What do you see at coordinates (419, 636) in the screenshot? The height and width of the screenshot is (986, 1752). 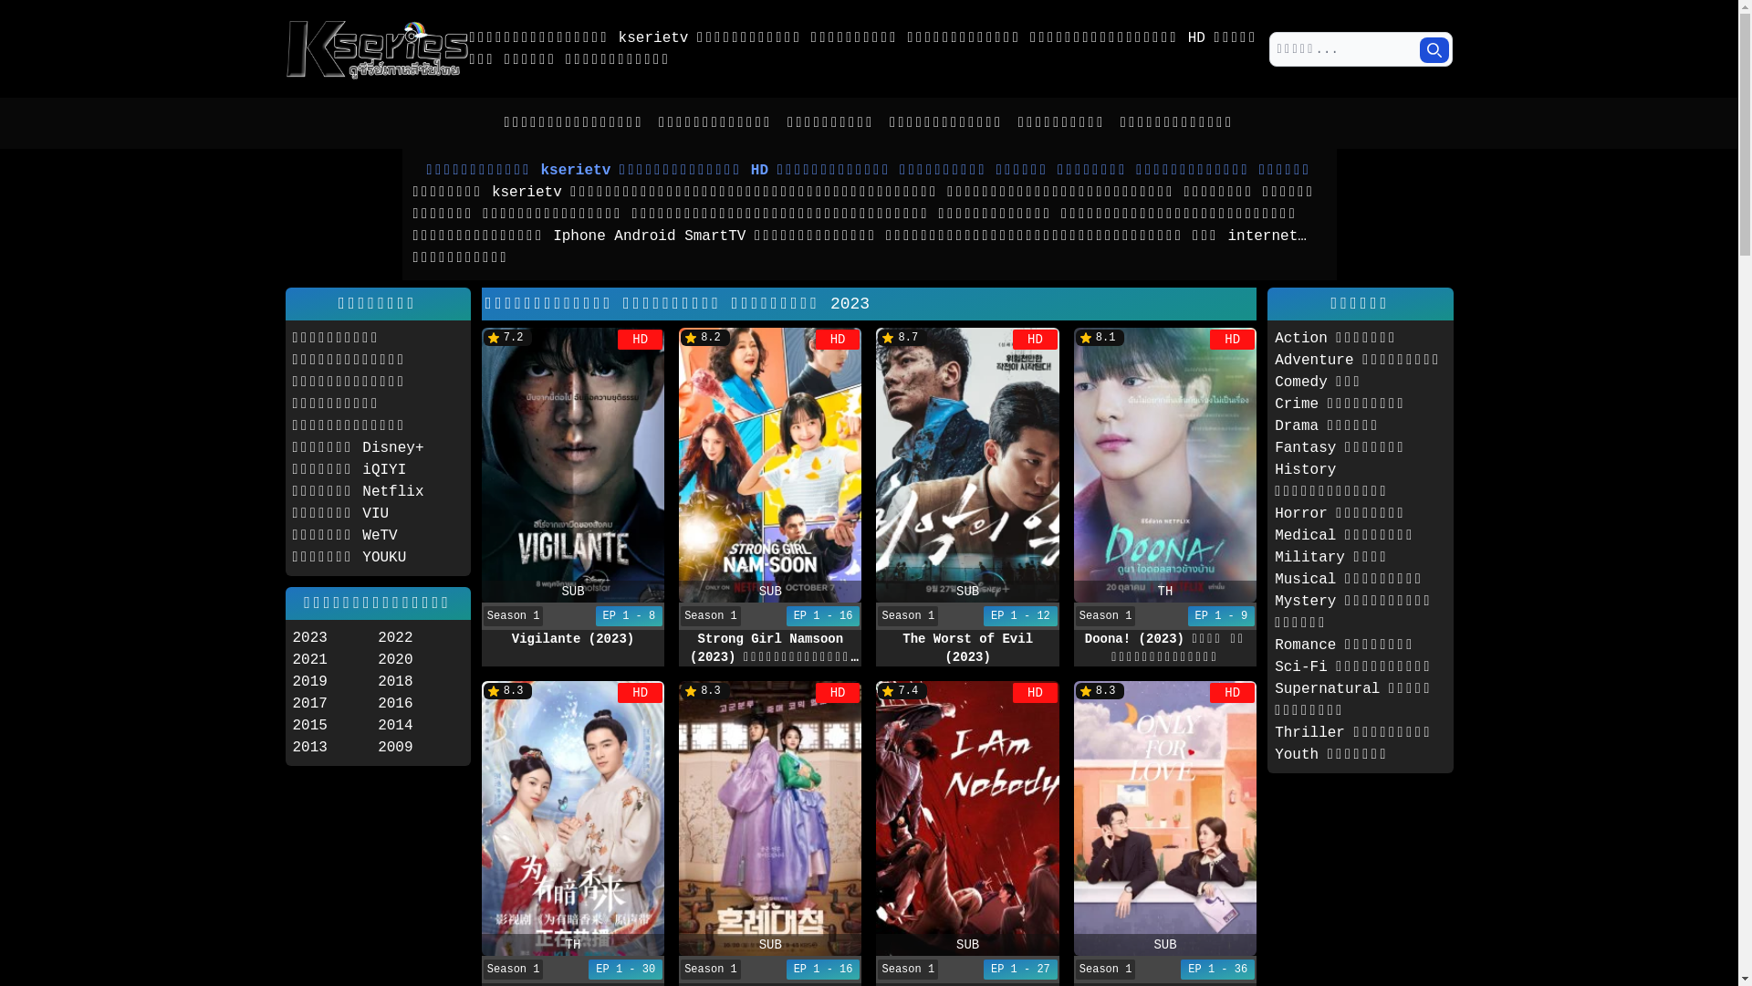 I see `'2022'` at bounding box center [419, 636].